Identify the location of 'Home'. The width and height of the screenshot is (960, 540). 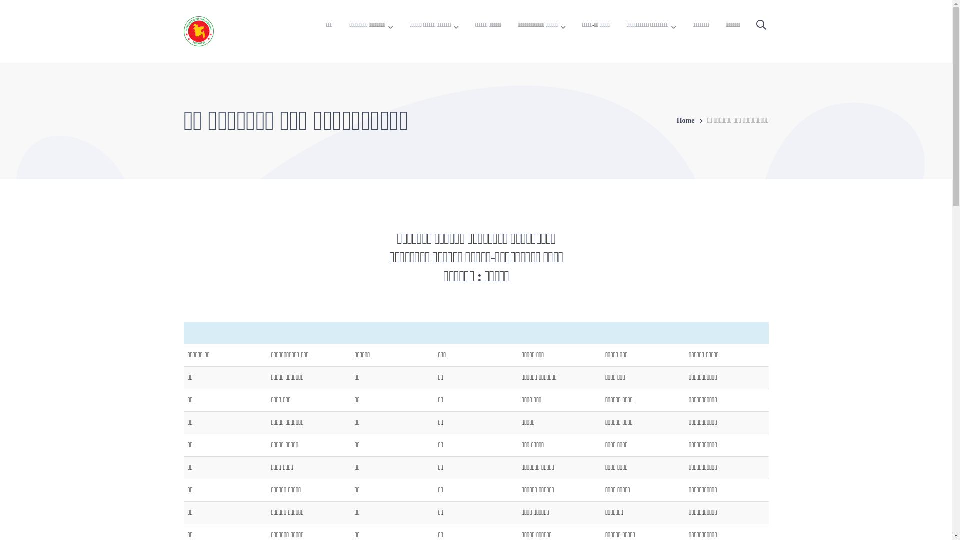
(691, 120).